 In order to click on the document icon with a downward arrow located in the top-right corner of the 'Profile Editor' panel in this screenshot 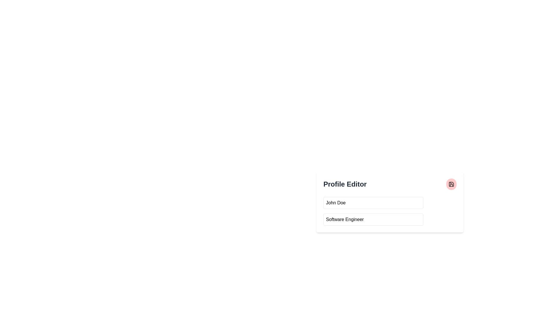, I will do `click(451, 184)`.